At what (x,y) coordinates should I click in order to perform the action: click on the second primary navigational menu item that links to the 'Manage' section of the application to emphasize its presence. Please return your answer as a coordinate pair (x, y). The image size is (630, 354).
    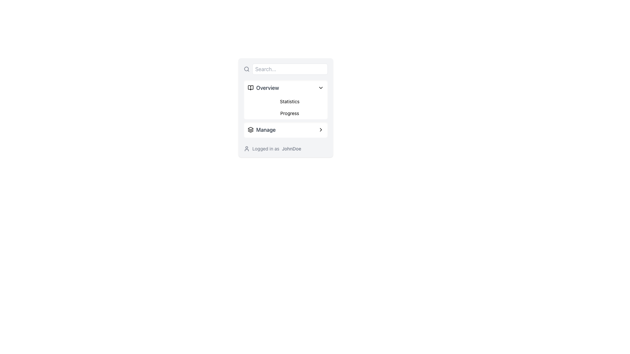
    Looking at the image, I should click on (261, 130).